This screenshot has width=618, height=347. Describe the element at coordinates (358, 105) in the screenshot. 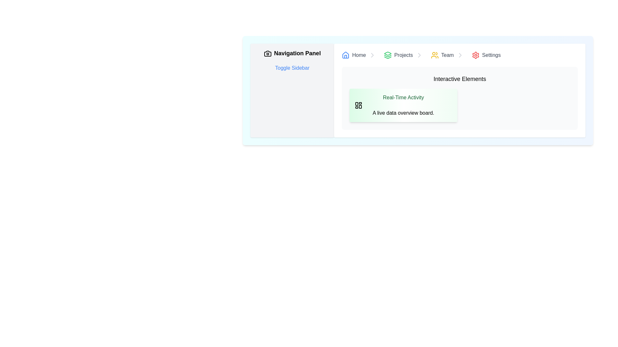

I see `the icon element styled as a four-square dashboard layout located at the top-left corner of the 'Real-Time Activity' card within the 'Interactive Elements' section` at that location.